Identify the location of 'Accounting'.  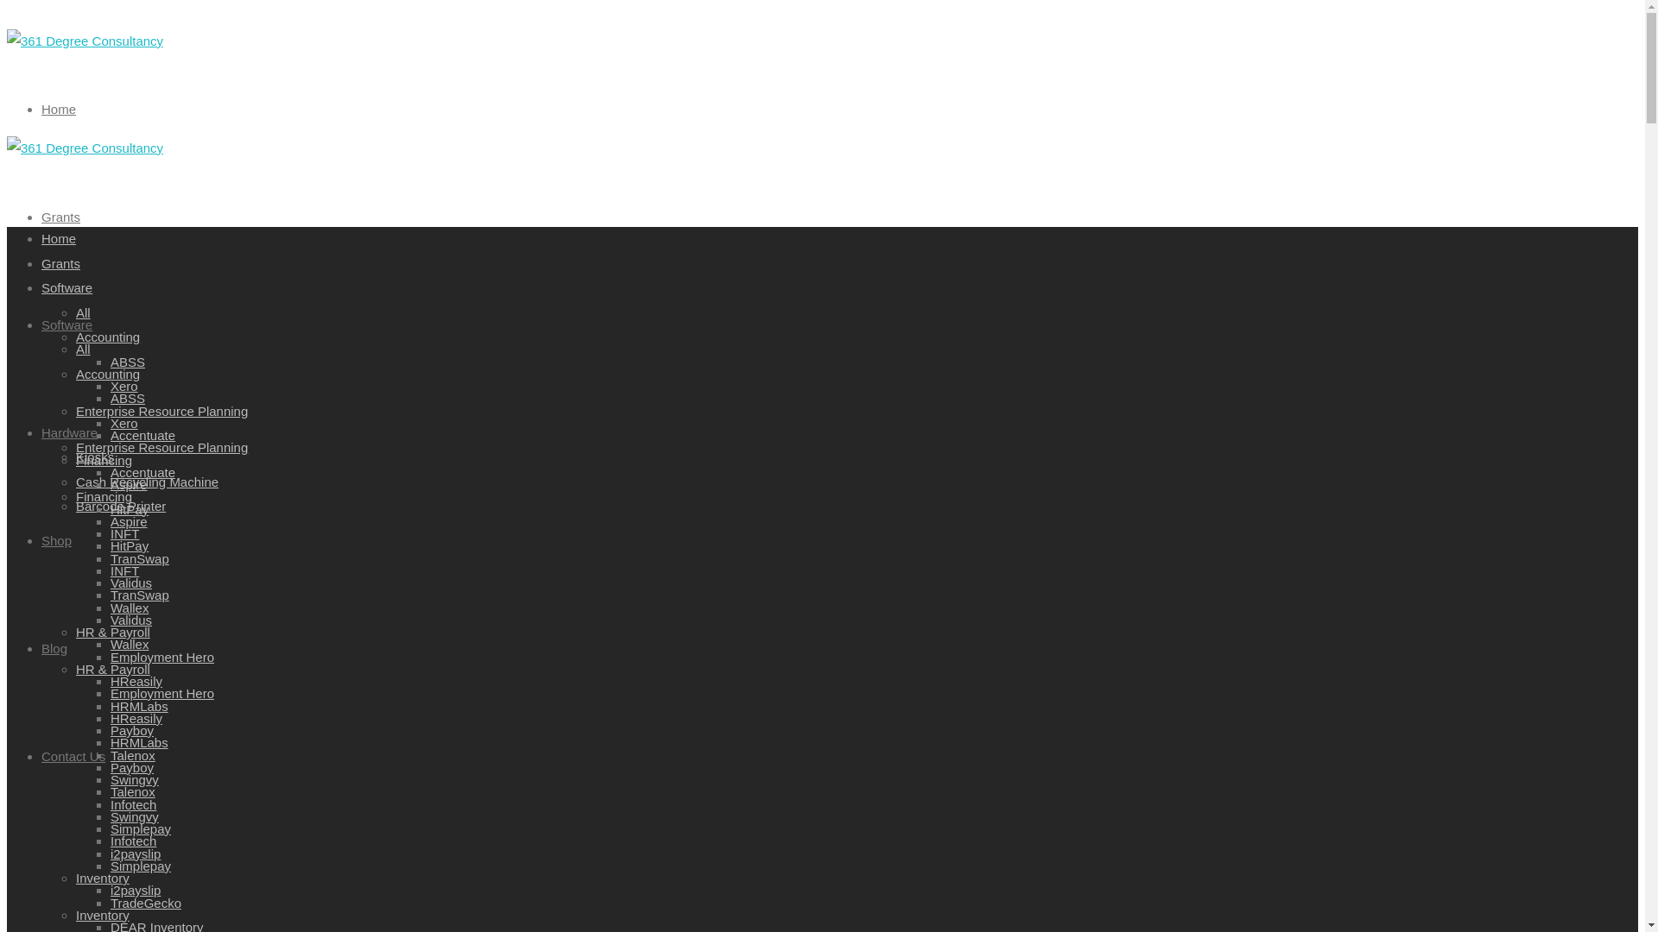
(106, 372).